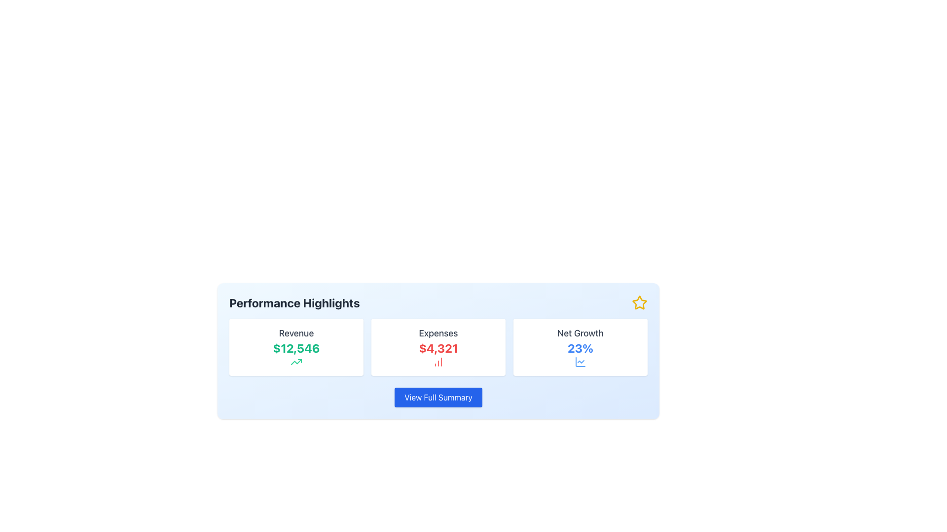 This screenshot has width=947, height=532. I want to click on the 'View Full Summary' button, which is a rectangular button with a blue background and white text, located below the summary panels for Revenue, Expenses, and Net Growth, so click(437, 397).